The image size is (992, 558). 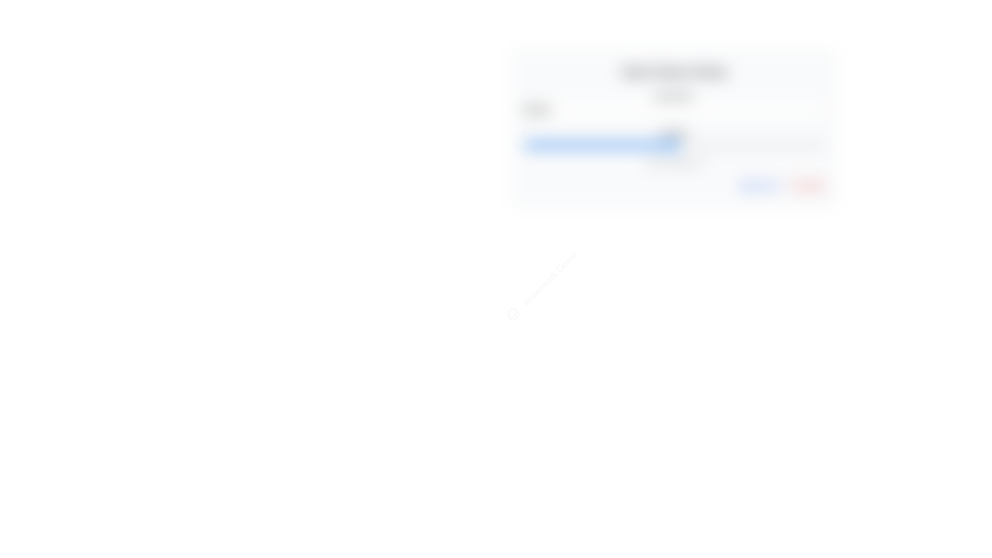 I want to click on the range slider that adjusts intensity, located centrally on the interface, with the current value displayed as 'Current Value: 50', so click(x=674, y=148).